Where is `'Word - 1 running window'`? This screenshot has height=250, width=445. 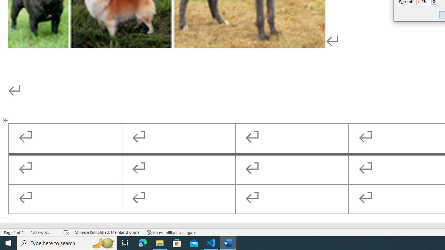
'Word - 1 running window' is located at coordinates (228, 242).